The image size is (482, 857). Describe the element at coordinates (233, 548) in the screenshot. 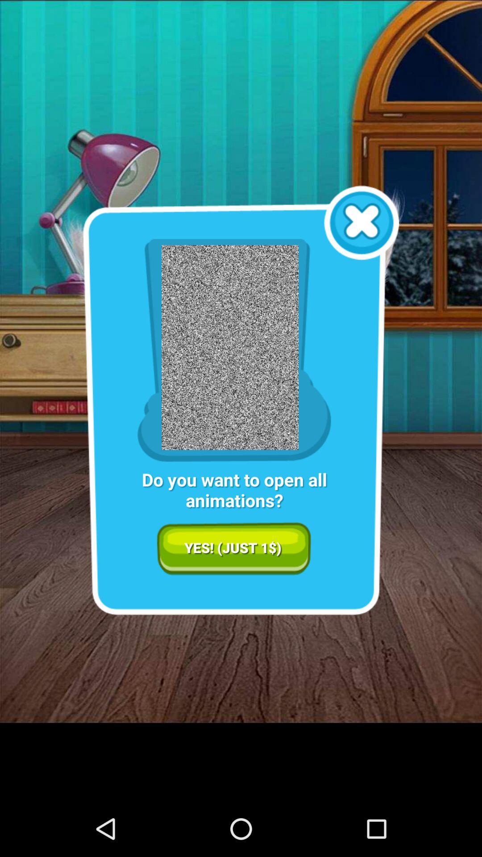

I see `yes! (just 1$)` at that location.